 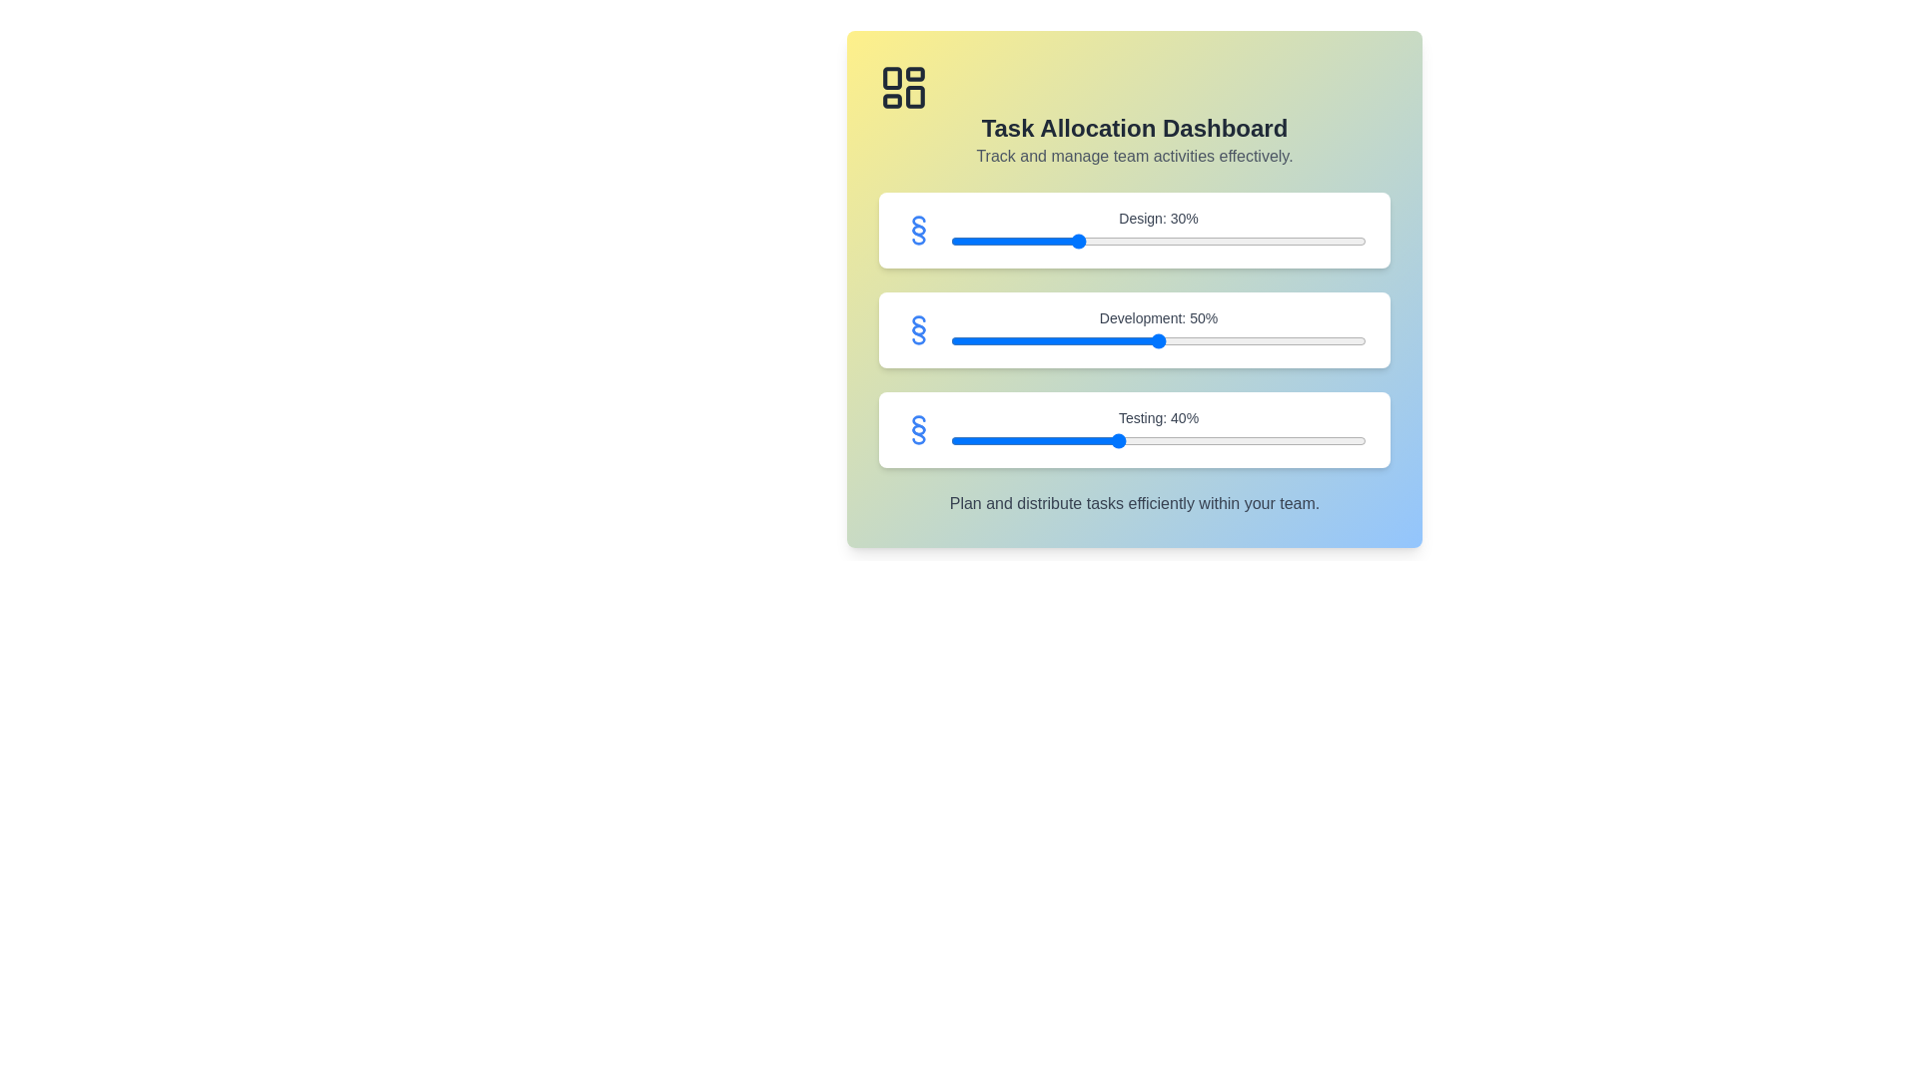 What do you see at coordinates (1083, 241) in the screenshot?
I see `the 'Design' slider to 32% by dragging the slider to the corresponding position` at bounding box center [1083, 241].